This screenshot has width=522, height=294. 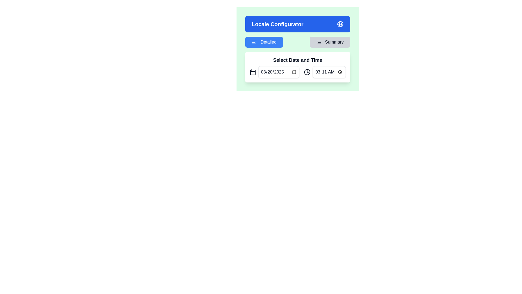 I want to click on the icon located in the middle-left of the 'Detailed' button, so click(x=254, y=42).